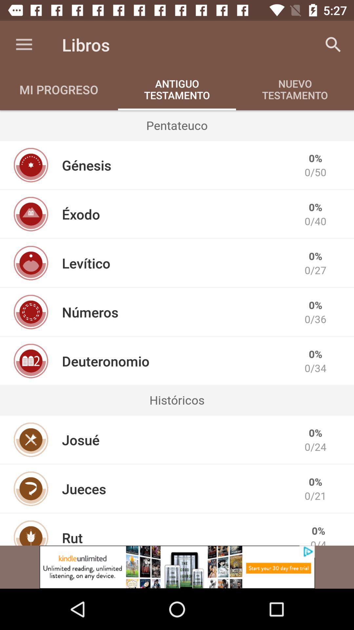  Describe the element at coordinates (24, 44) in the screenshot. I see `the item to the left of the libros icon` at that location.